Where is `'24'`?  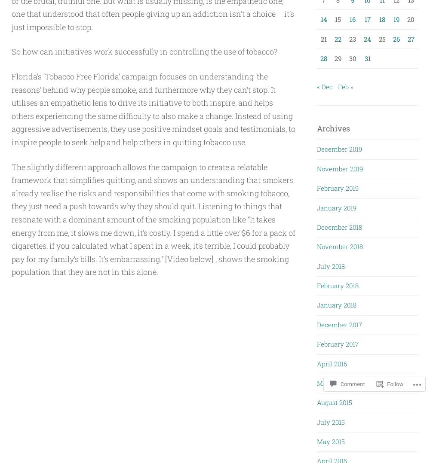 '24' is located at coordinates (363, 38).